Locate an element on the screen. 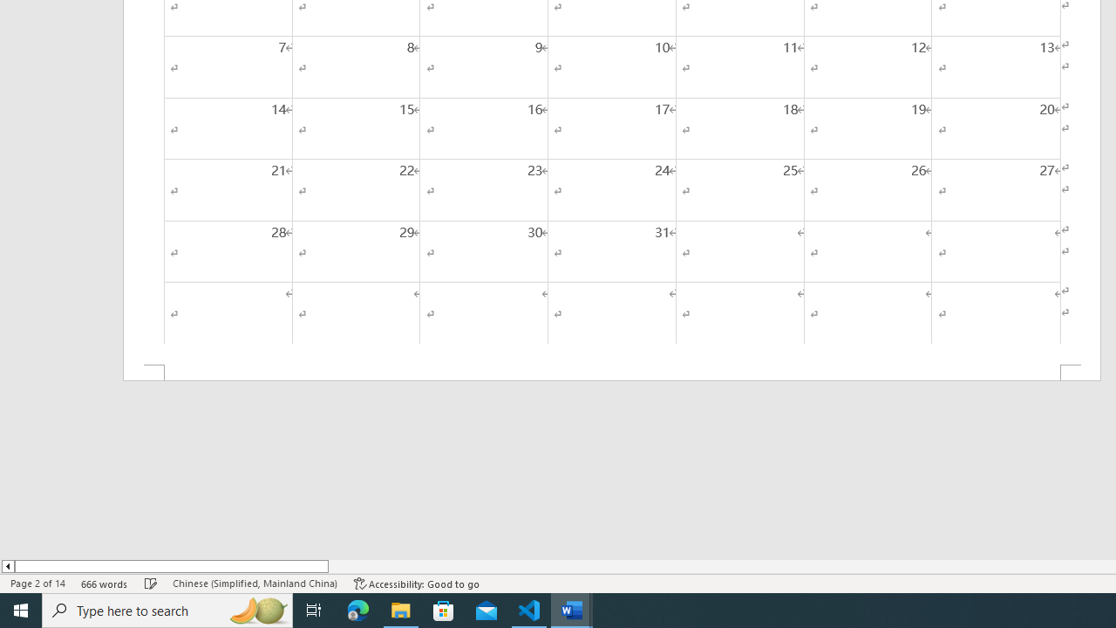  'Column left' is located at coordinates (7, 566).